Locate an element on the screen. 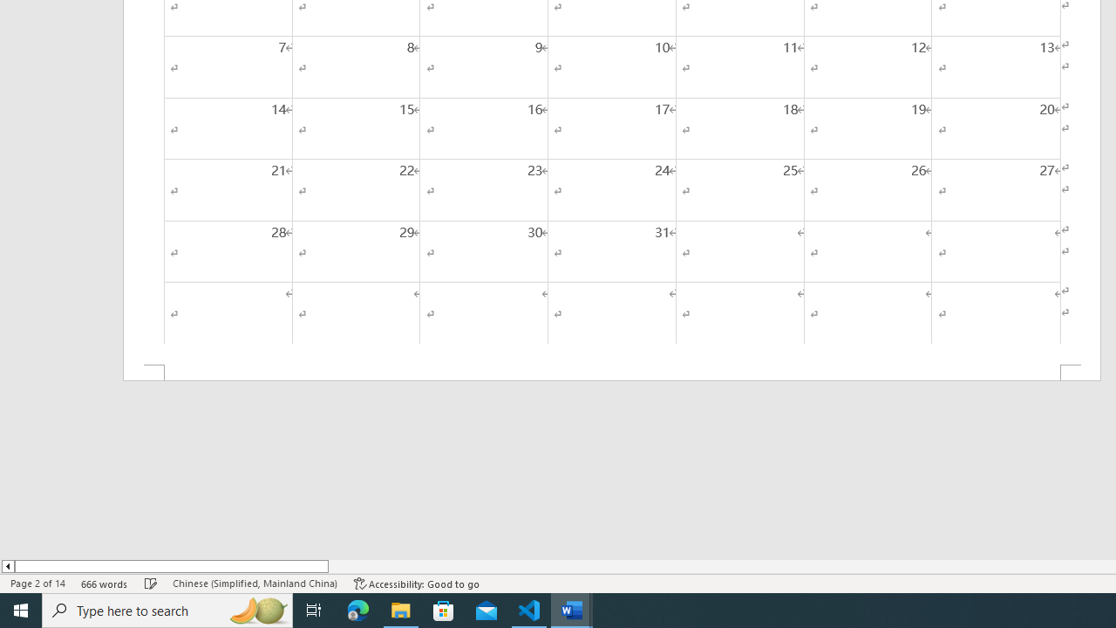  'Column left' is located at coordinates (7, 566).